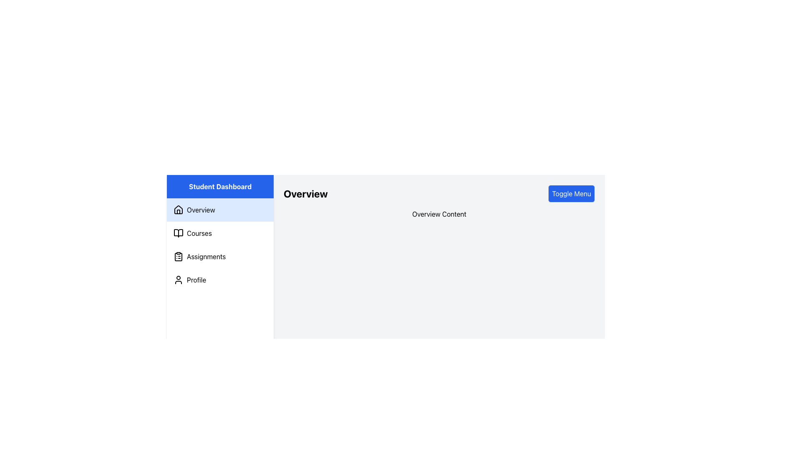 This screenshot has width=801, height=450. I want to click on the door area of the house icon in the left-side navigation bar, so click(178, 211).